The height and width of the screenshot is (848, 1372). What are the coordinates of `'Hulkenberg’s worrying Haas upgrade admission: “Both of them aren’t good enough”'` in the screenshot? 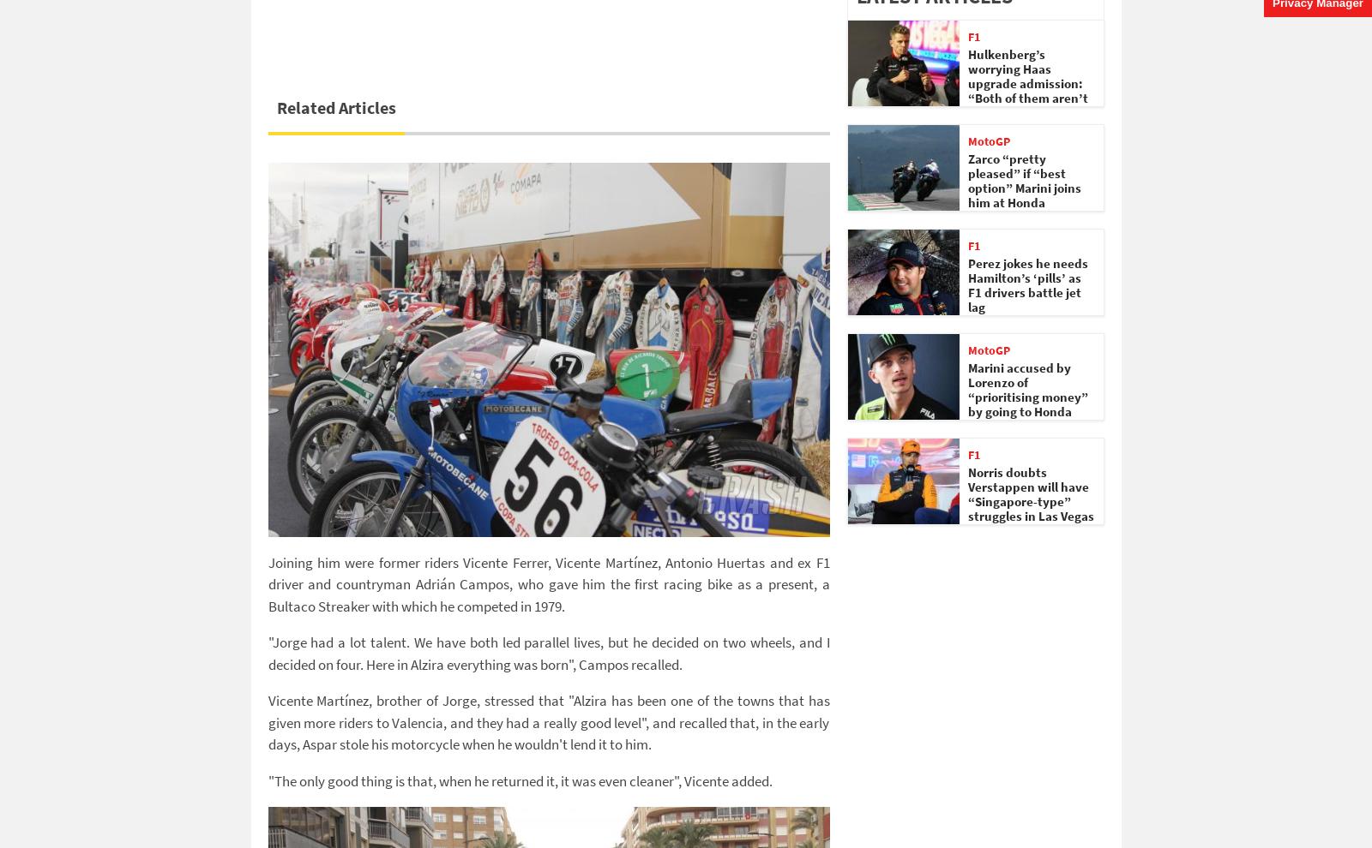 It's located at (1027, 83).